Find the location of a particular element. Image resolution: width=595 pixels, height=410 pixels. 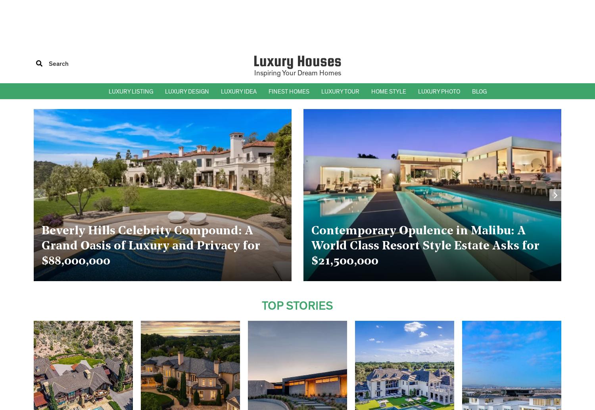

'– Transitional Homes' is located at coordinates (395, 155).